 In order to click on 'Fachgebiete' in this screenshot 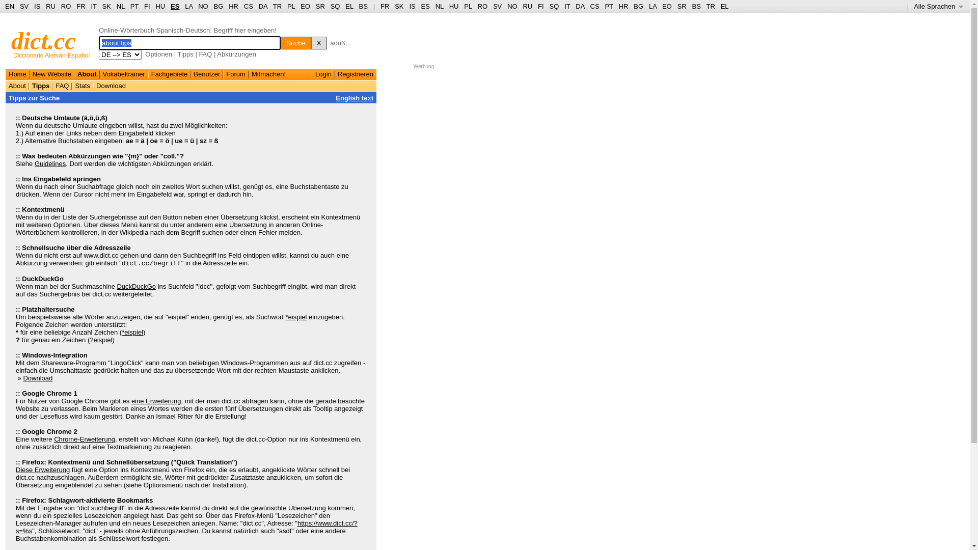, I will do `click(169, 73)`.